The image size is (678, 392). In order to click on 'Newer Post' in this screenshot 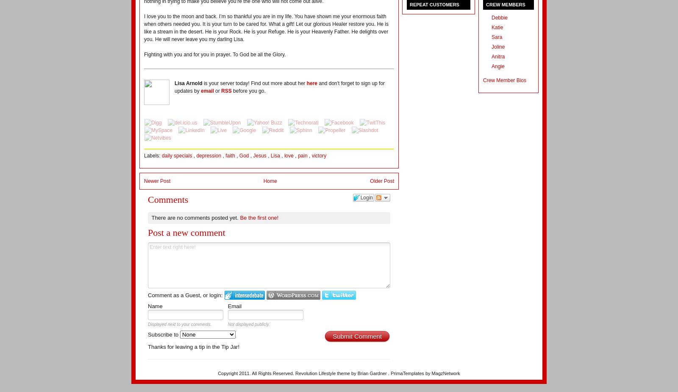, I will do `click(157, 181)`.